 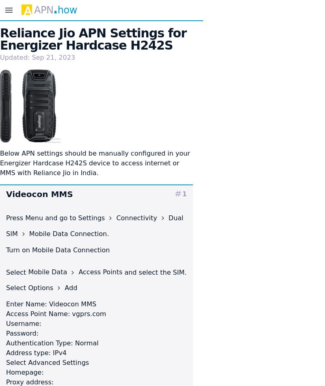 What do you see at coordinates (22, 333) in the screenshot?
I see `'Password:'` at bounding box center [22, 333].